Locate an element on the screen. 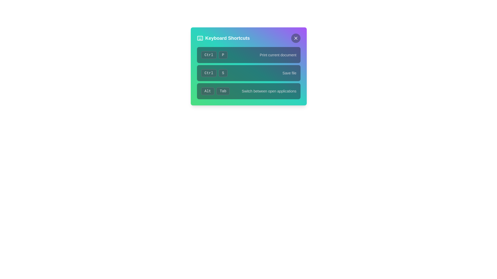  the 'Ctrl' key label in the 'Keyboard Shortcuts' modal, which is positioned as the left element in a pair before the 'P' key label is located at coordinates (209, 55).